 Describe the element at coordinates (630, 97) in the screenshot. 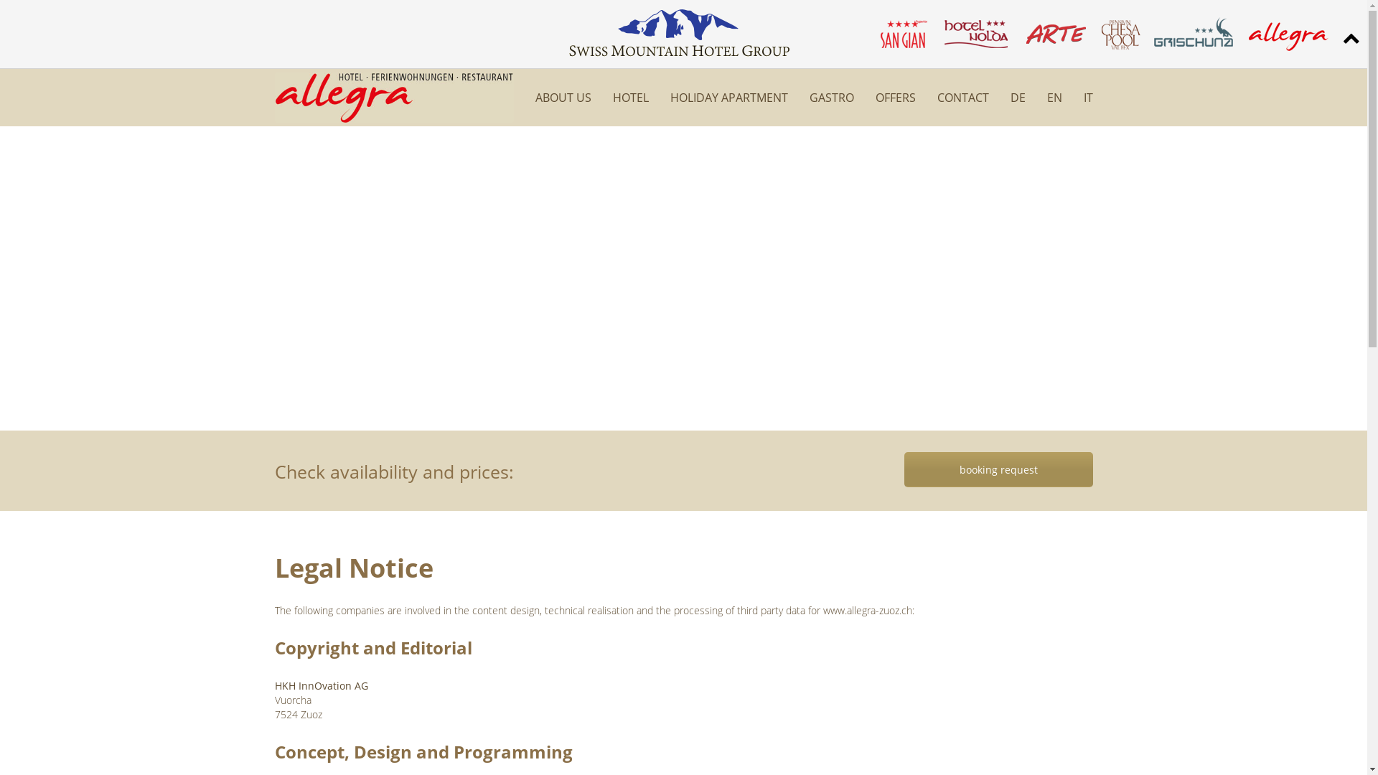

I see `'HOTEL'` at that location.